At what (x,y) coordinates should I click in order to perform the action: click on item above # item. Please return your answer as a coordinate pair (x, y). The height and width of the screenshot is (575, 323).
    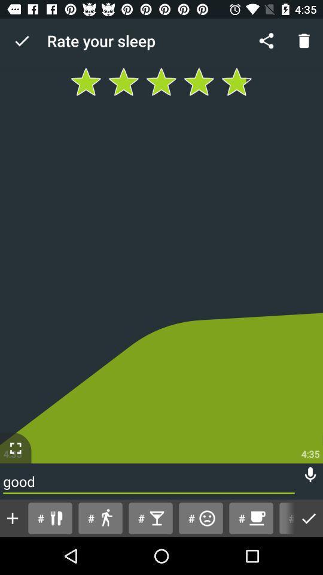
    Looking at the image, I should click on (310, 475).